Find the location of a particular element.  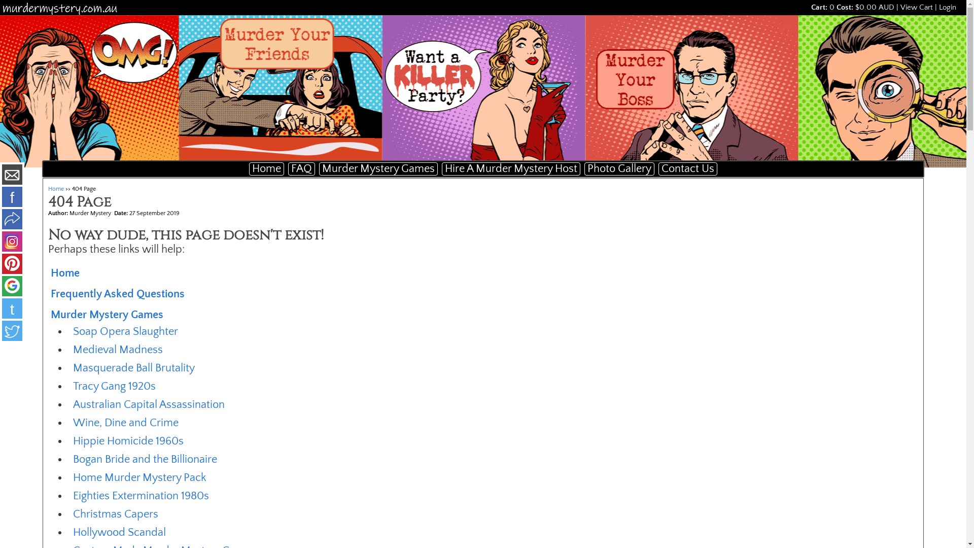

'f' is located at coordinates (12, 197).